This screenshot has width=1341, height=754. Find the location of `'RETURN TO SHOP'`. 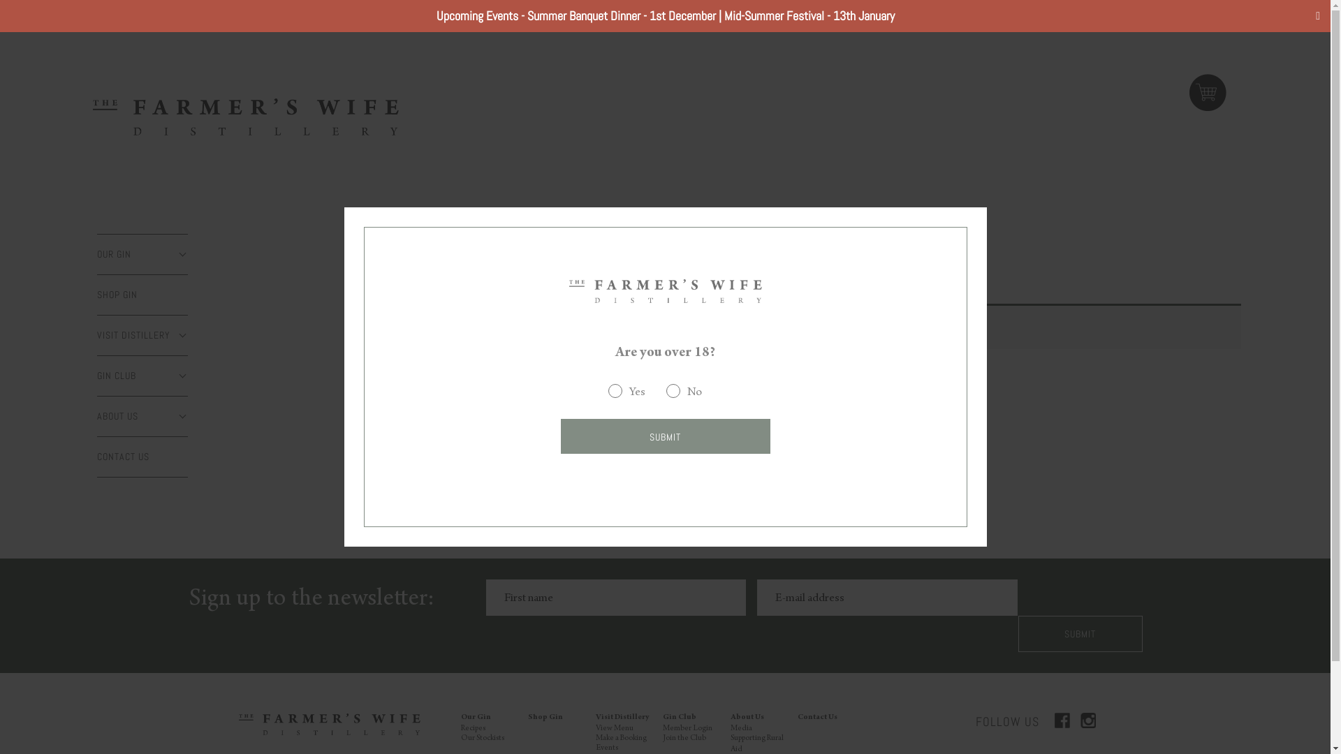

'RETURN TO SHOP' is located at coordinates (525, 391).